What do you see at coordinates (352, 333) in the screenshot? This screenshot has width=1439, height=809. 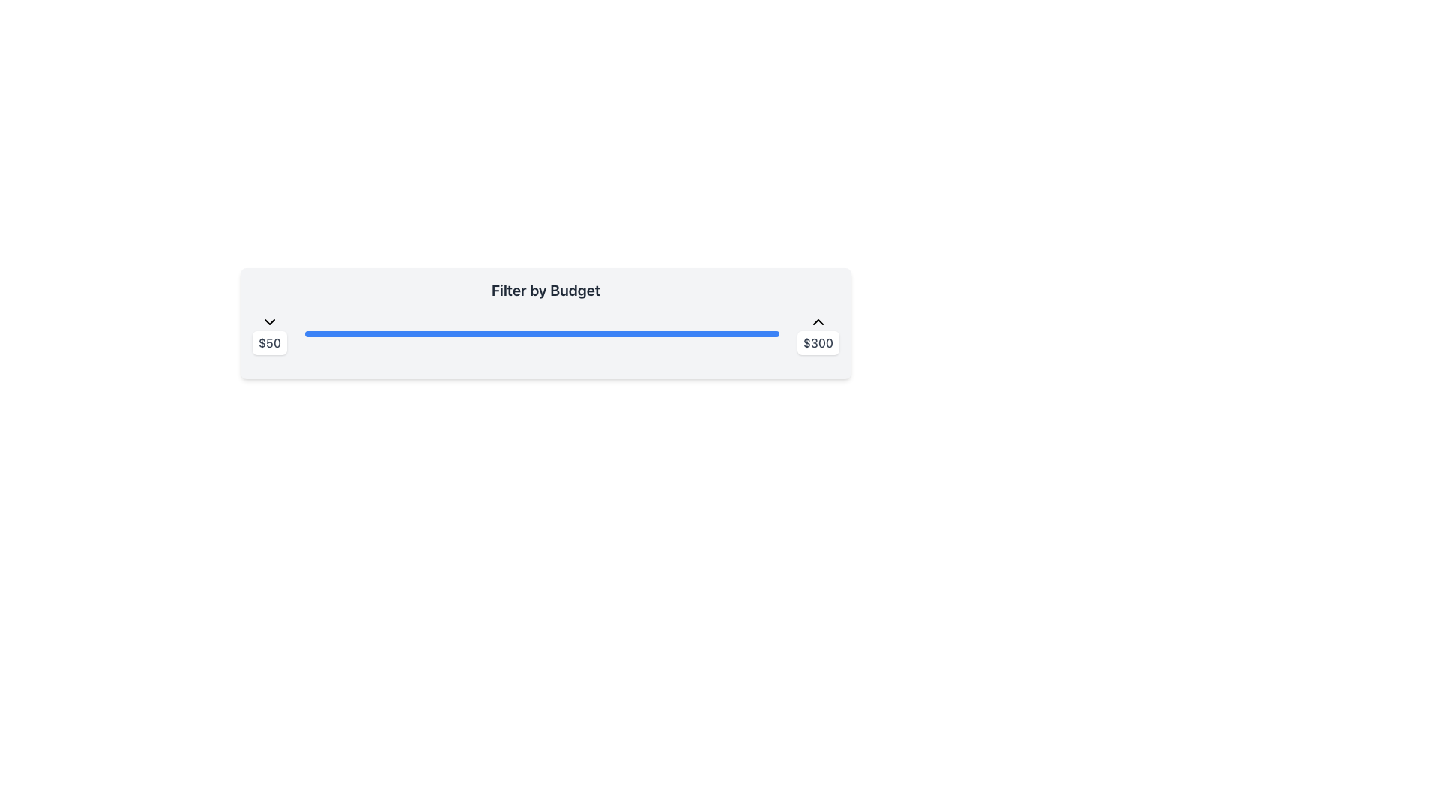 I see `the value of the slider` at bounding box center [352, 333].